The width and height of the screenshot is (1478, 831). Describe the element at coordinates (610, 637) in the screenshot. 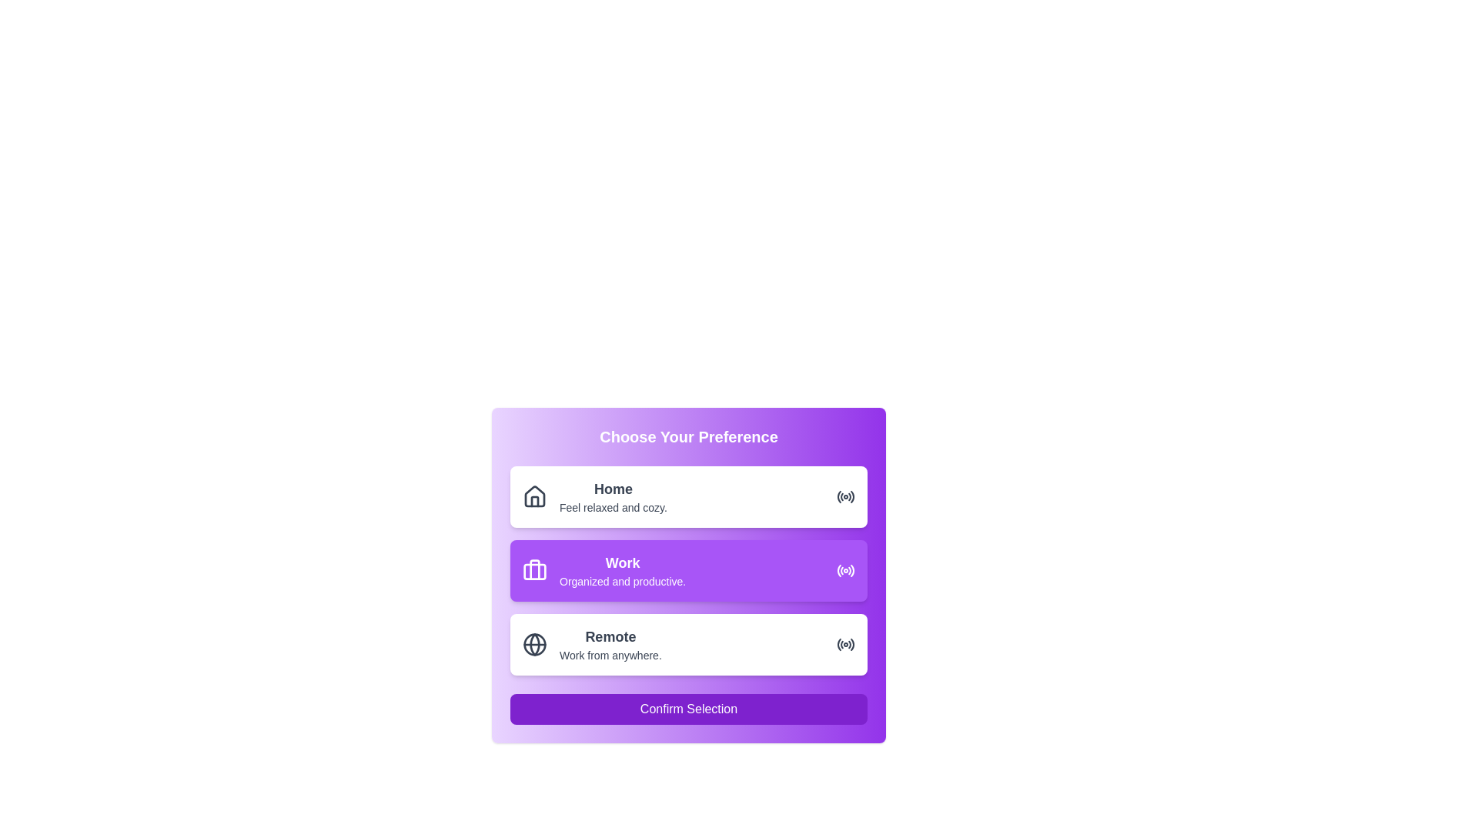

I see `the static text label that serves as the title for the 'Remote' preference option, which is located above the text 'Work from anywhere.' and adjacent to a globe icon` at that location.